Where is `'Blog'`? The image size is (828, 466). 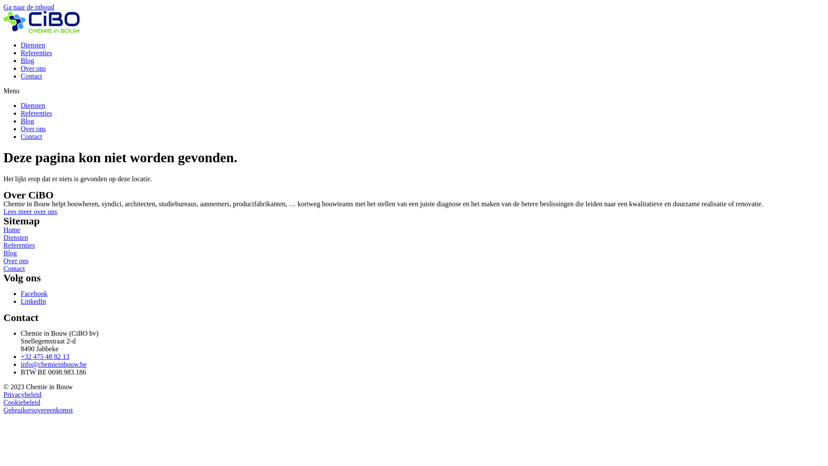
'Blog' is located at coordinates (27, 60).